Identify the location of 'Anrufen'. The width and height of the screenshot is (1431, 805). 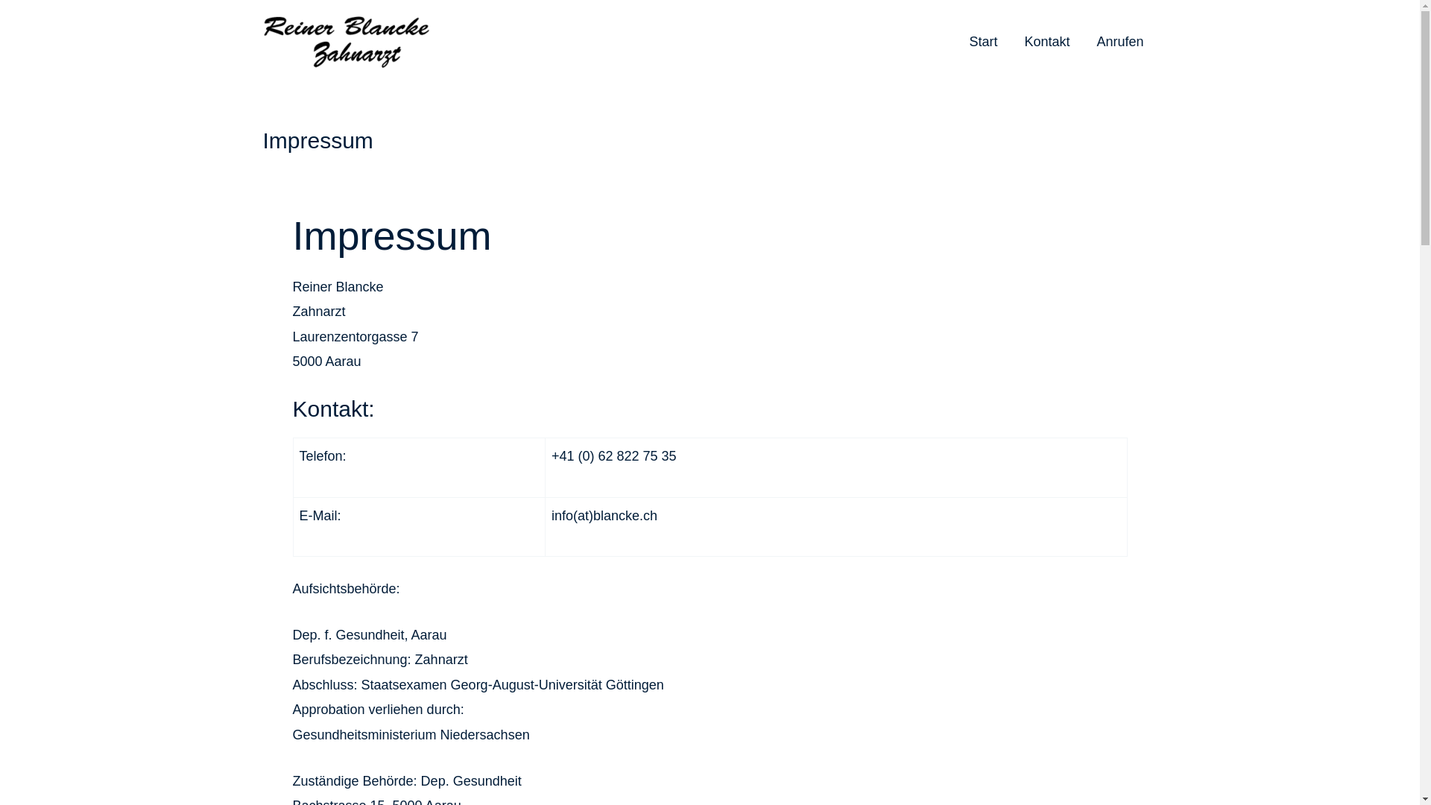
(1083, 41).